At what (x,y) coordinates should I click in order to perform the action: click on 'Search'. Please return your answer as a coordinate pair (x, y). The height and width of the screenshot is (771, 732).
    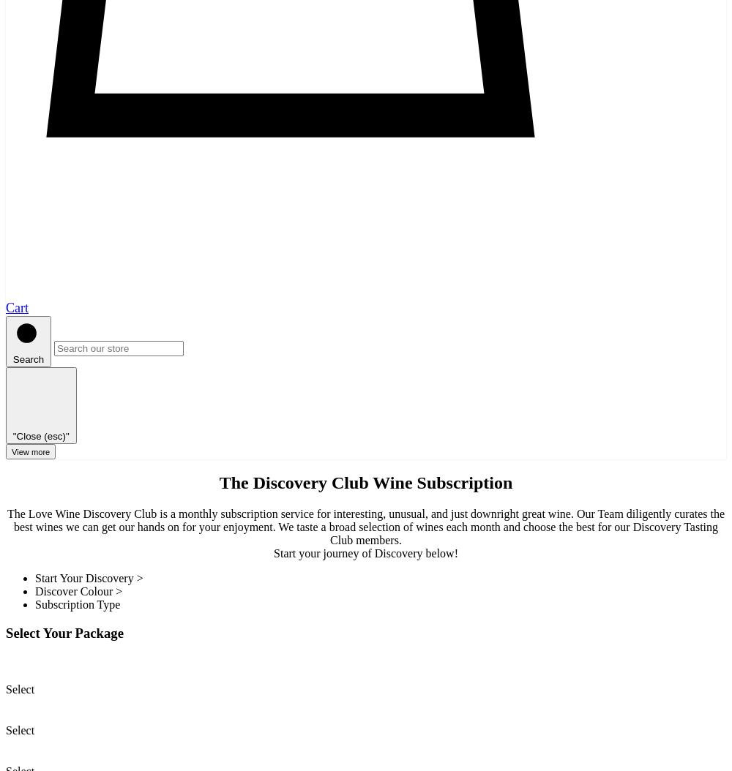
    Looking at the image, I should click on (12, 358).